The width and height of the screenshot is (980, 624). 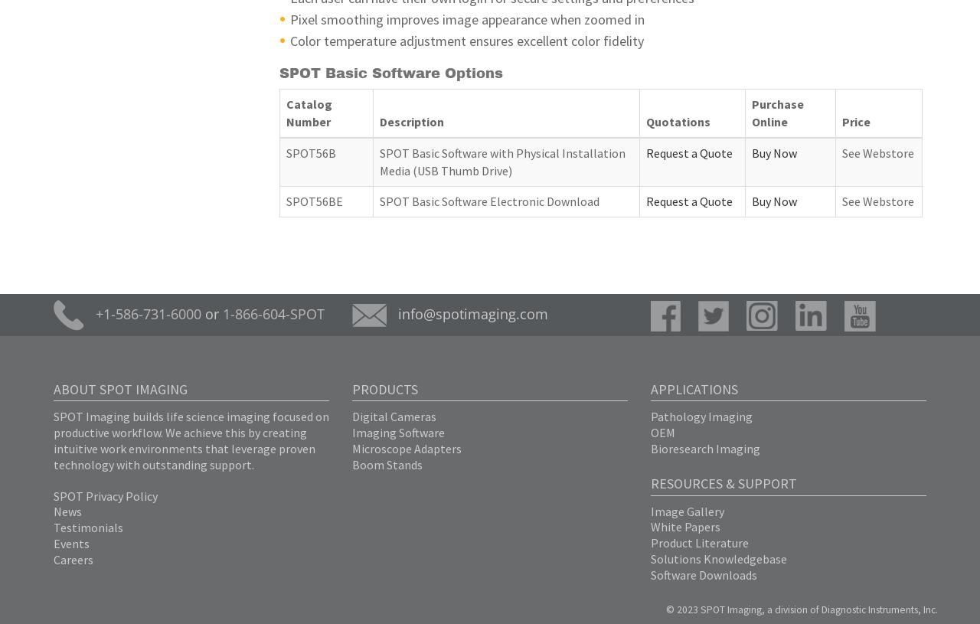 I want to click on 'SPOT Basic Software Electronic Download', so click(x=488, y=201).